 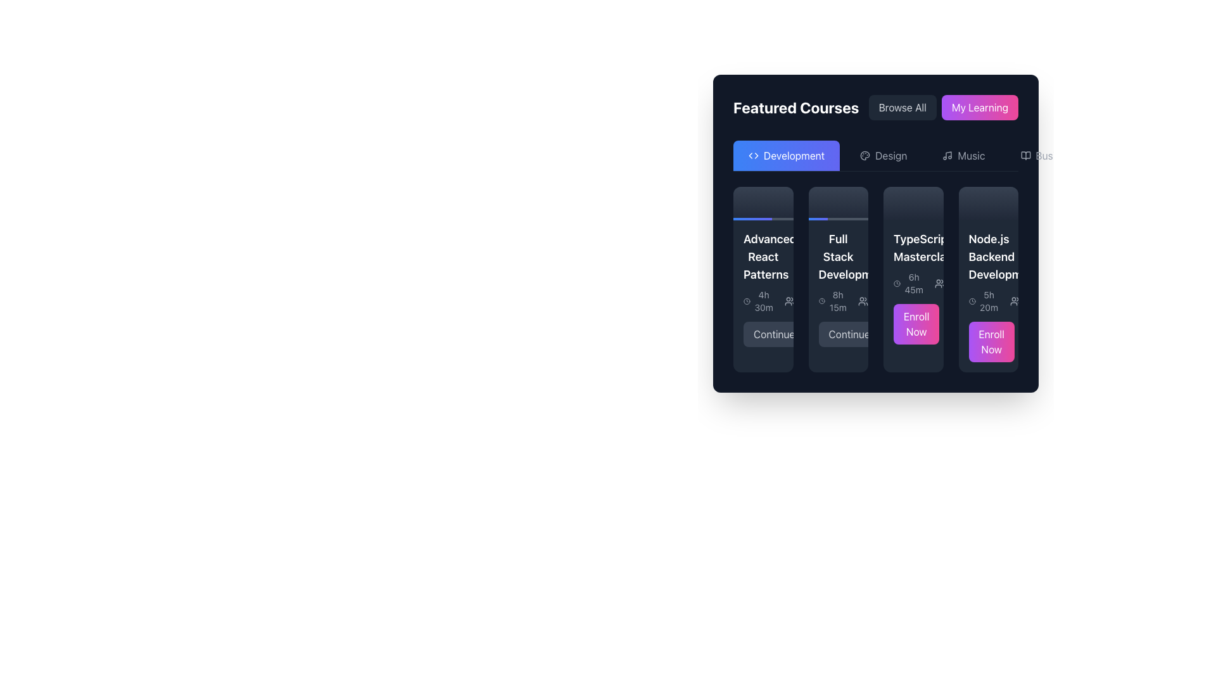 What do you see at coordinates (987, 342) in the screenshot?
I see `the enrollment button for the 'Node.js Backend Development' course` at bounding box center [987, 342].